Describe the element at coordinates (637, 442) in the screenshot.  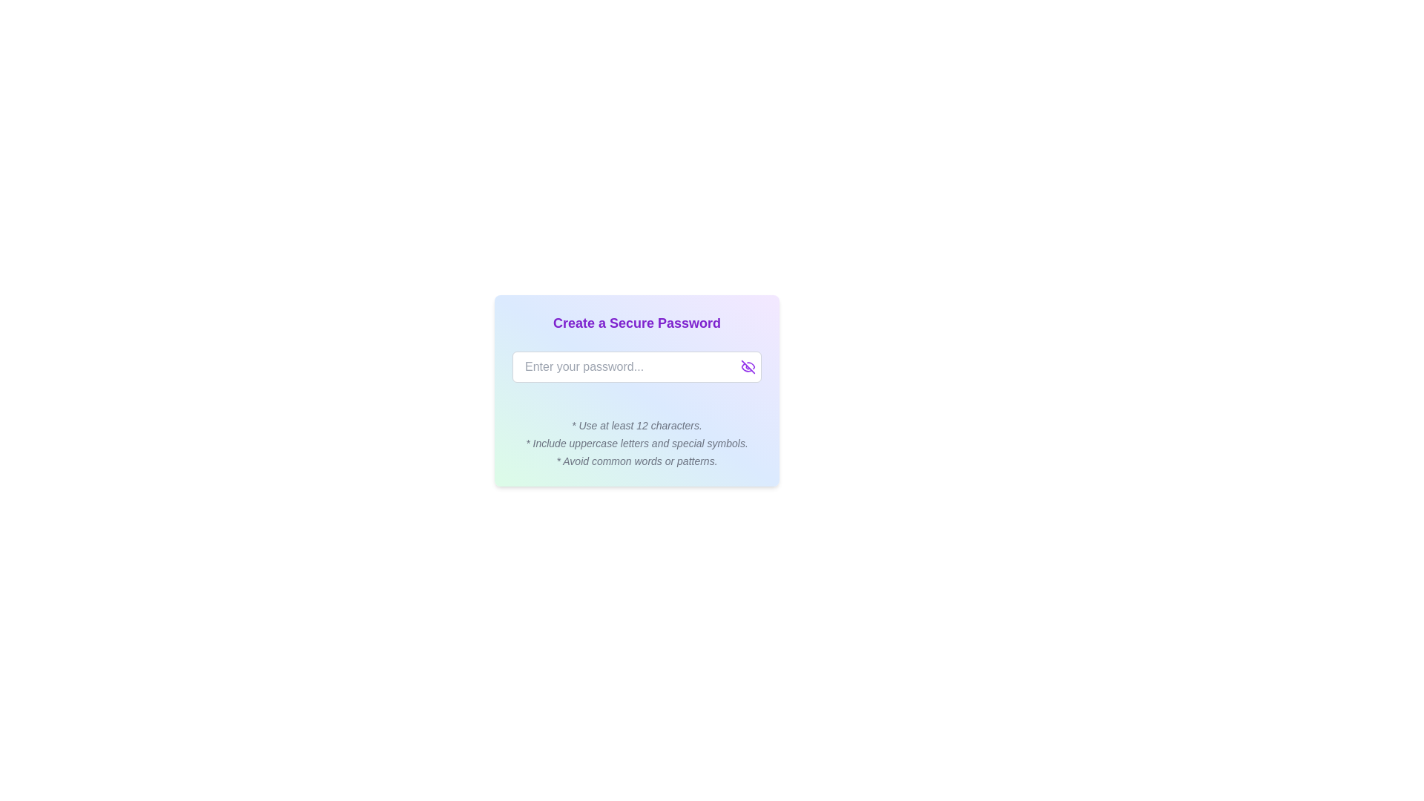
I see `text of the second line in the password creation guidelines, which advises users to include uppercase letters and special symbols for enhanced security` at that location.